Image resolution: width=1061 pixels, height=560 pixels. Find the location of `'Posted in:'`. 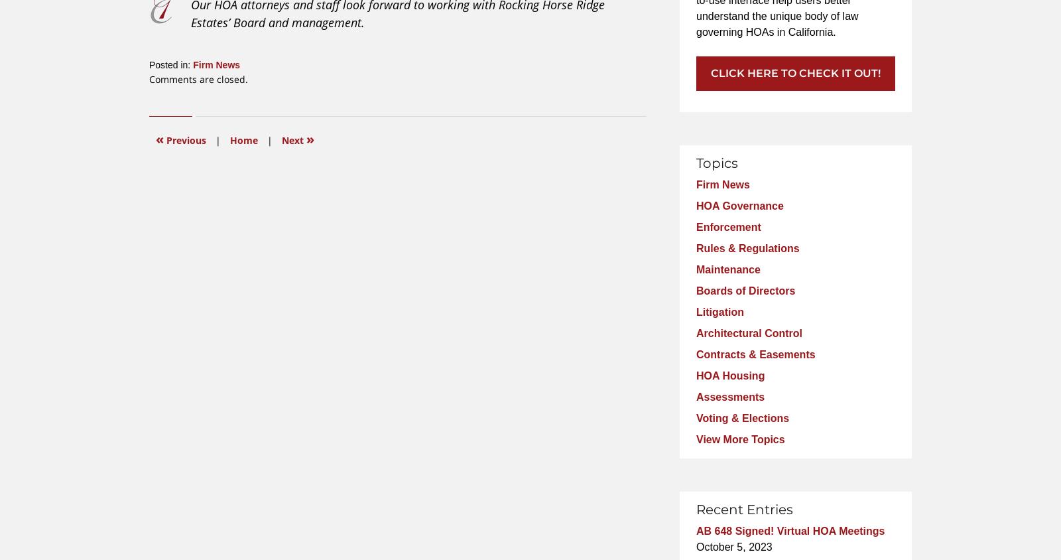

'Posted in:' is located at coordinates (170, 64).